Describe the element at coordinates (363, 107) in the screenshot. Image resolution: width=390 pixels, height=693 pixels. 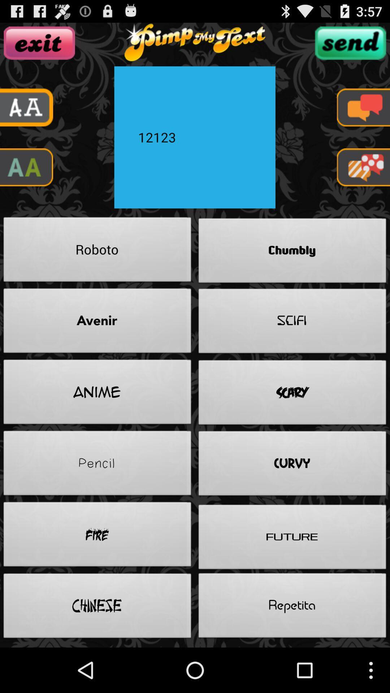
I see `massage` at that location.